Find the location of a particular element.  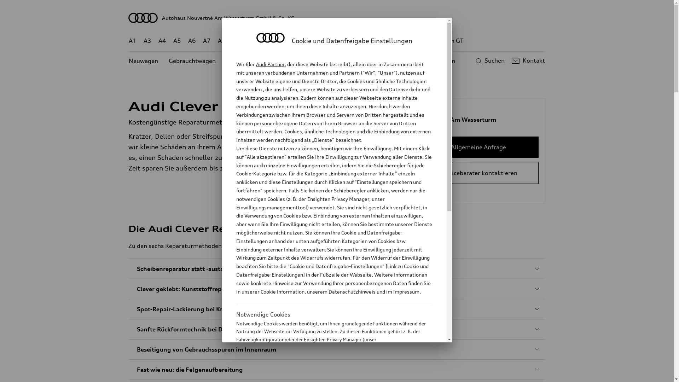

'A4' is located at coordinates (162, 41).